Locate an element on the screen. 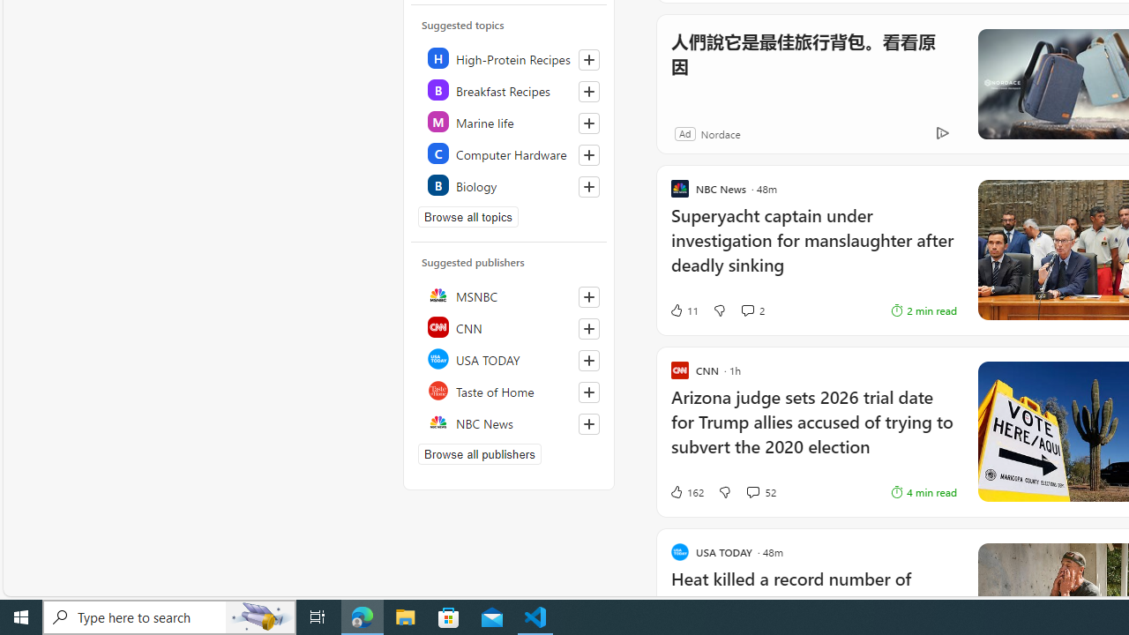  'Follow this topic' is located at coordinates (588, 187).